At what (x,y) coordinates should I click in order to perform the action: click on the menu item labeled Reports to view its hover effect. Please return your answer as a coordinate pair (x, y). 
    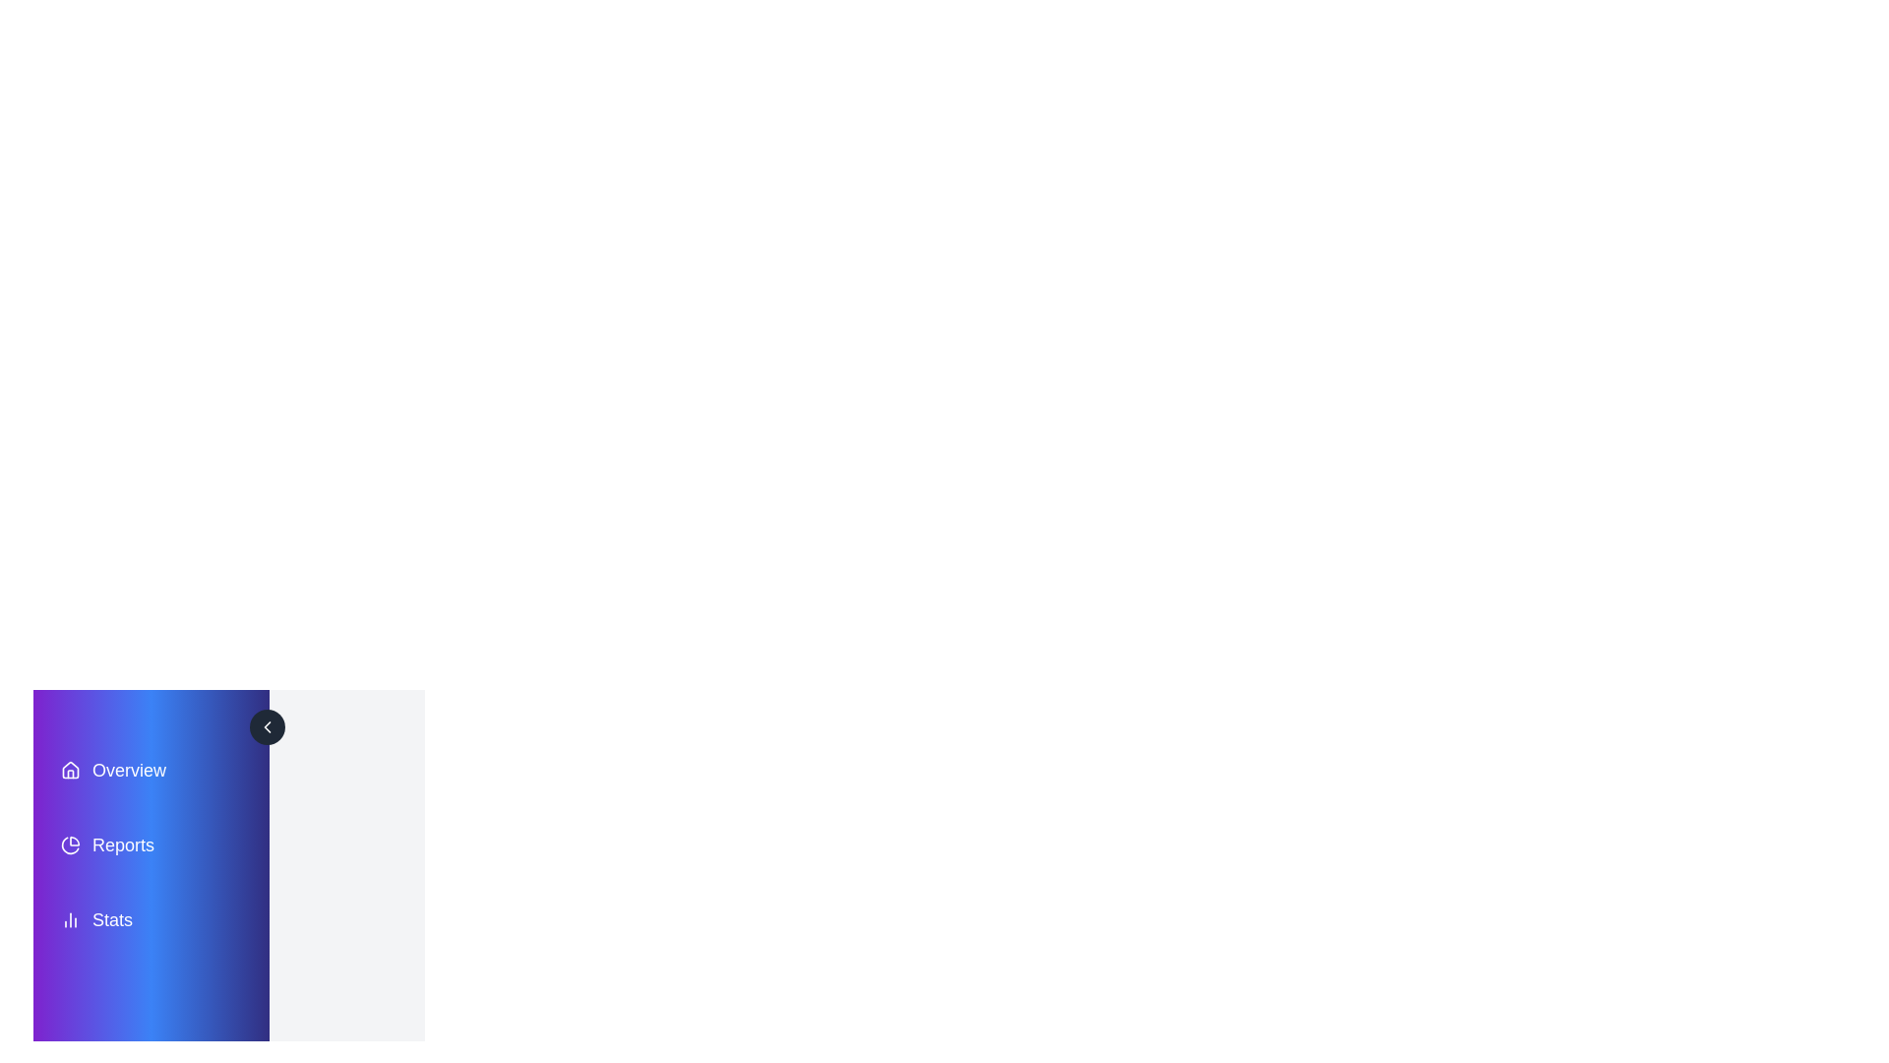
    Looking at the image, I should click on (150, 844).